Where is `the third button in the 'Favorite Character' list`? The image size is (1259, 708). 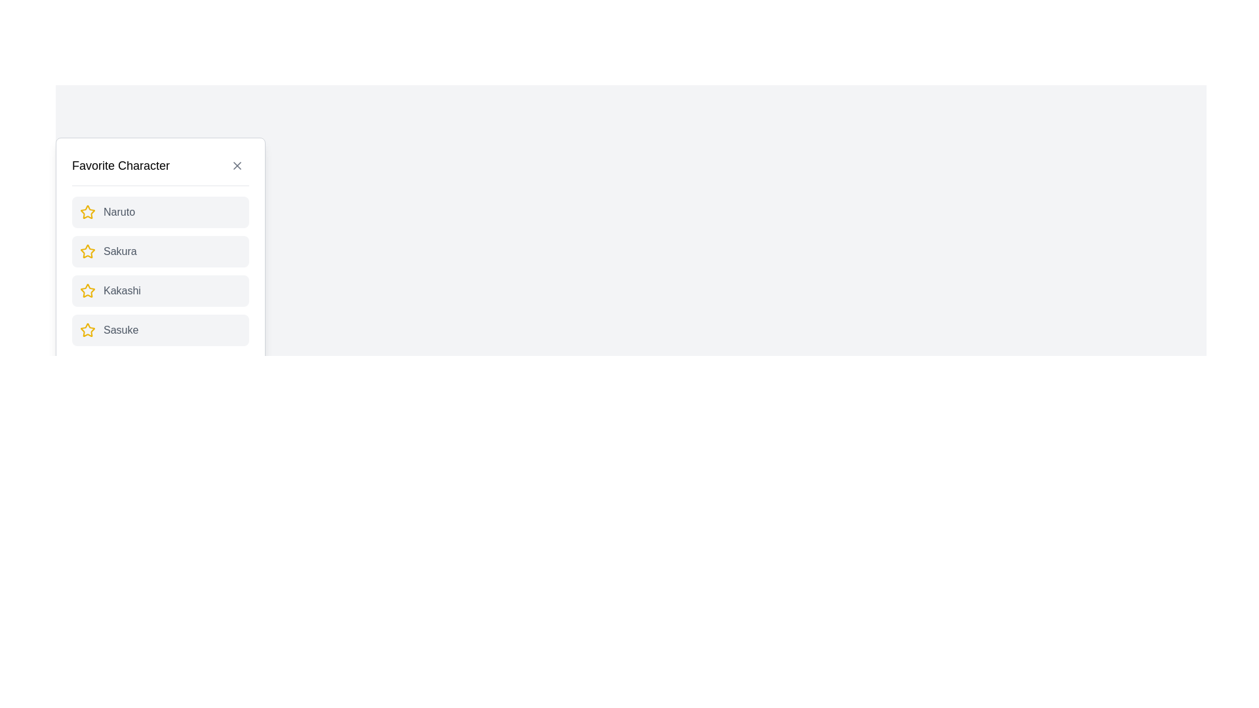 the third button in the 'Favorite Character' list is located at coordinates (159, 290).